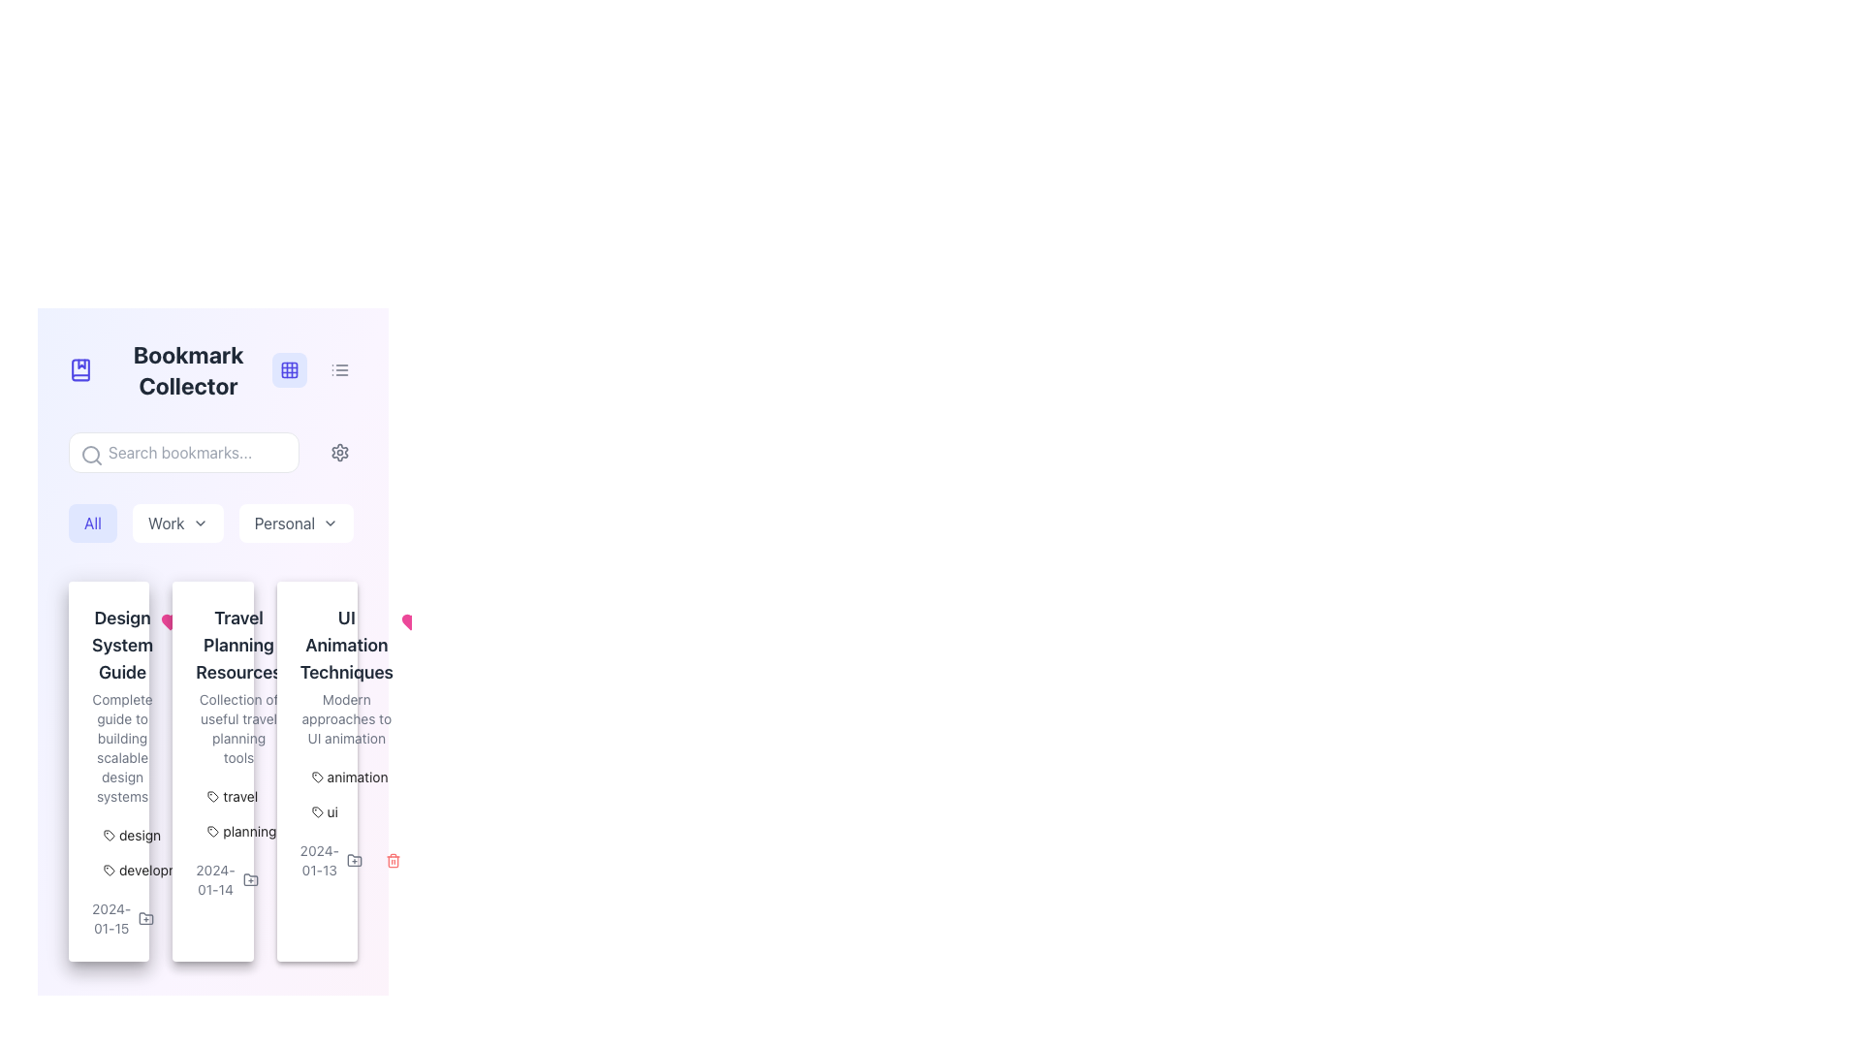 Image resolution: width=1861 pixels, height=1047 pixels. What do you see at coordinates (213, 830) in the screenshot?
I see `the tag label icon representing a category within the 'Travel Planning Resources' card` at bounding box center [213, 830].